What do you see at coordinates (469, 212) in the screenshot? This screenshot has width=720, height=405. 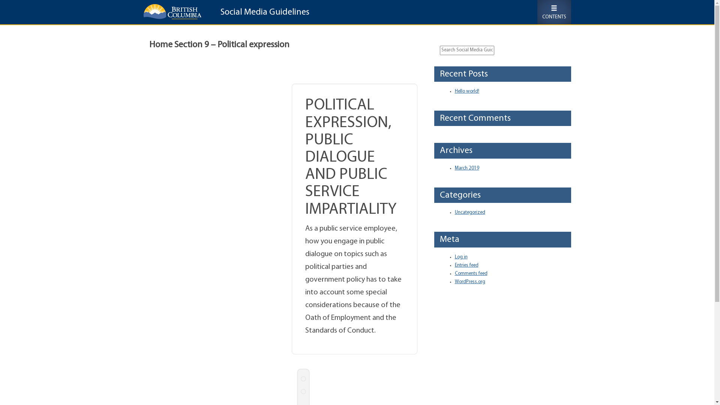 I see `'Uncategorized'` at bounding box center [469, 212].